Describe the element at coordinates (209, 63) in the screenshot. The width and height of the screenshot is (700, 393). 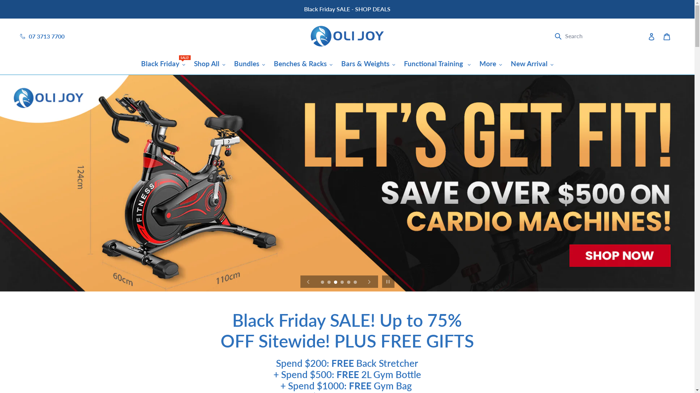
I see `'Shop All'` at that location.